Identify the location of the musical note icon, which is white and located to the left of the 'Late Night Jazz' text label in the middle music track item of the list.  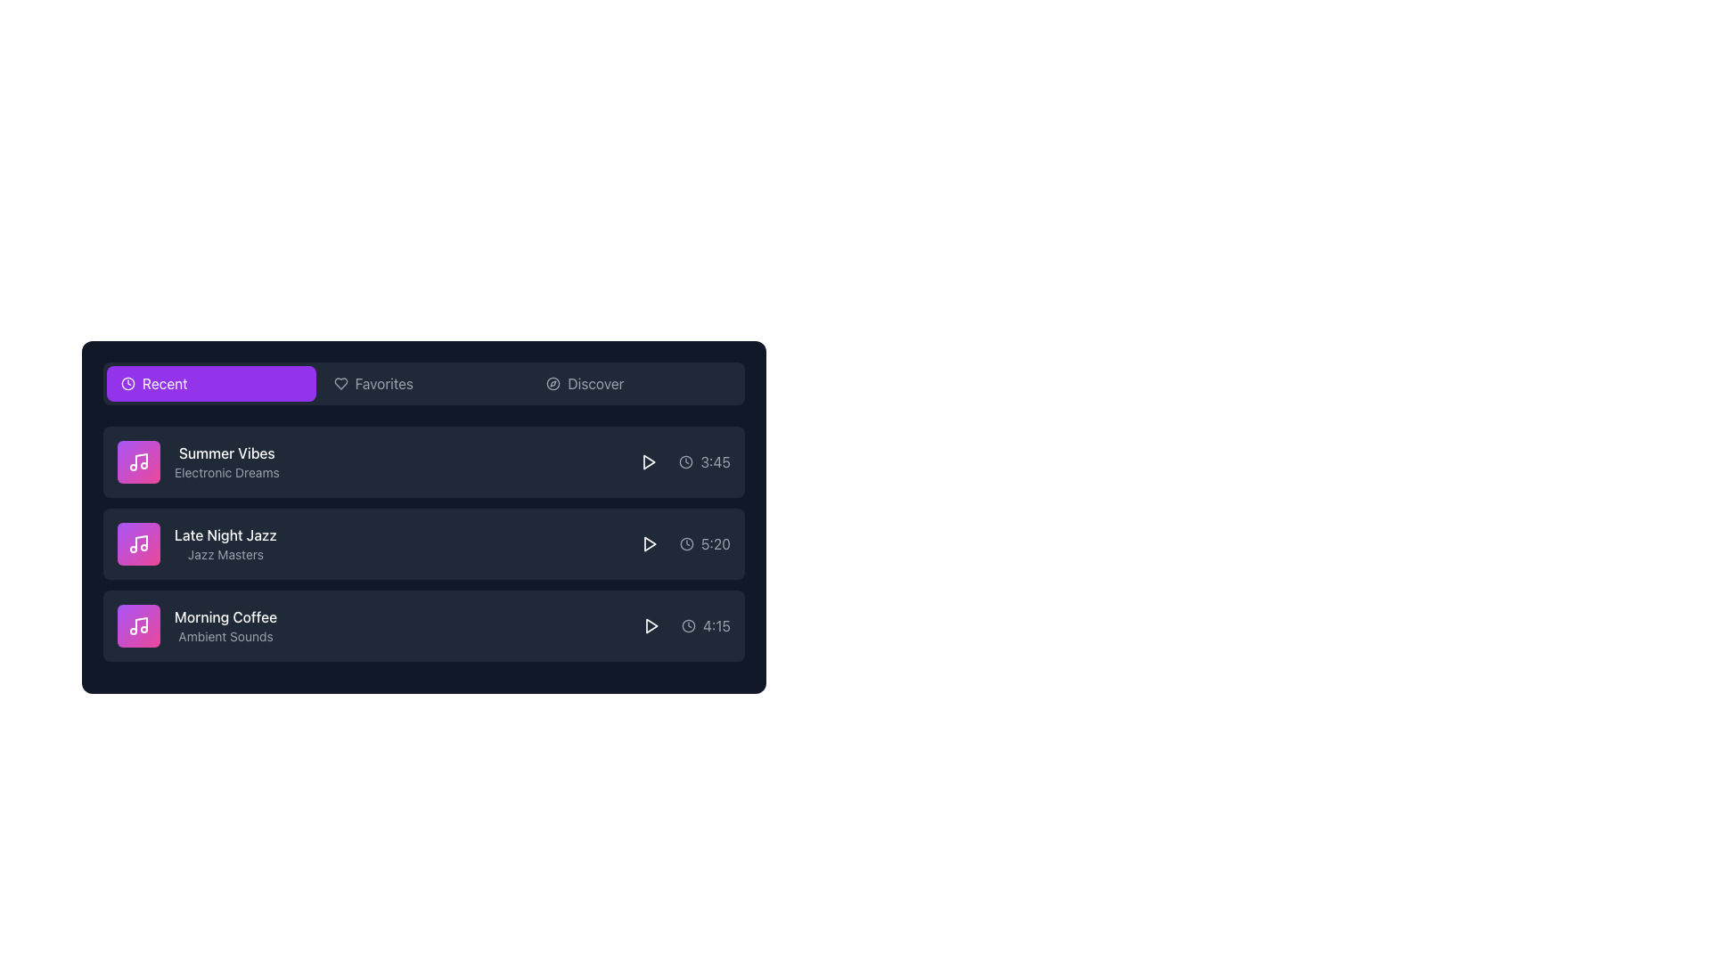
(138, 542).